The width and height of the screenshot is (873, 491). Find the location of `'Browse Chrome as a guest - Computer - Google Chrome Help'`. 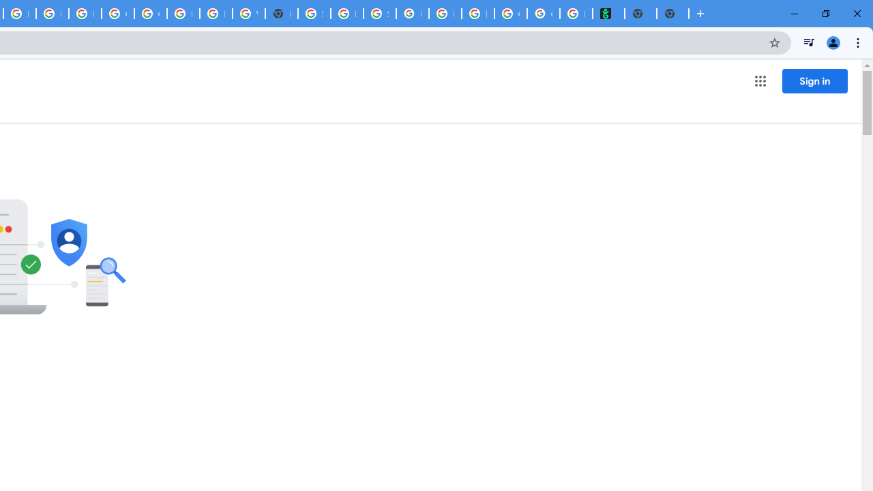

'Browse Chrome as a guest - Computer - Google Chrome Help' is located at coordinates (182, 14).